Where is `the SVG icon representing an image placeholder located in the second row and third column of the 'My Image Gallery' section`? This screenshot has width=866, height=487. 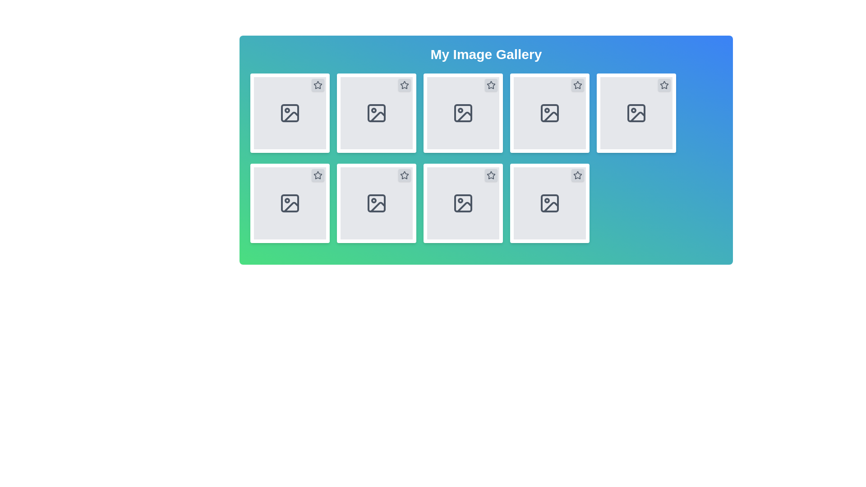
the SVG icon representing an image placeholder located in the second row and third column of the 'My Image Gallery' section is located at coordinates (463, 112).